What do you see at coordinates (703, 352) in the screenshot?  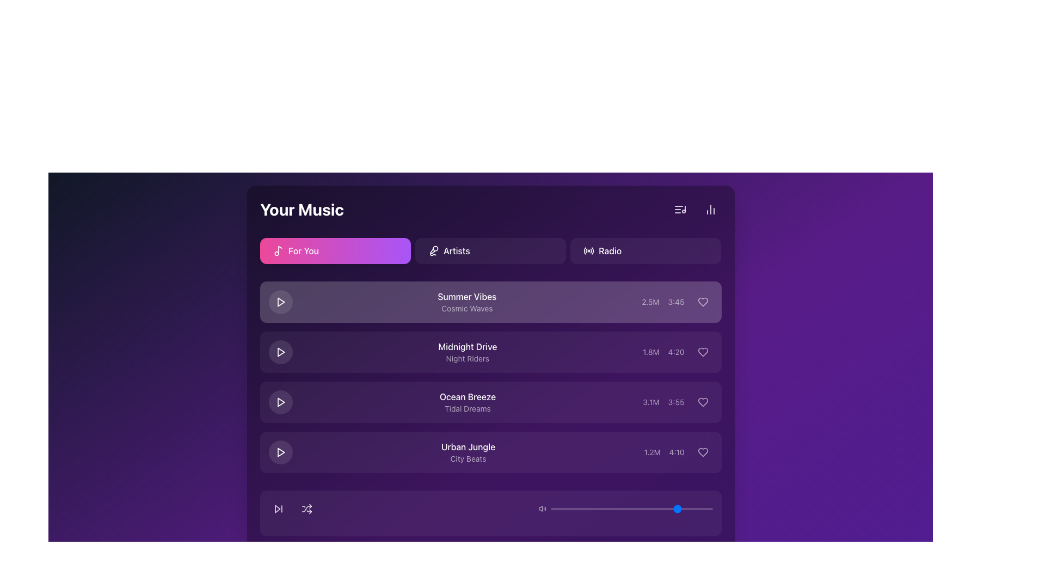 I see `the 'like' button for the item 'Midnight Drive'` at bounding box center [703, 352].